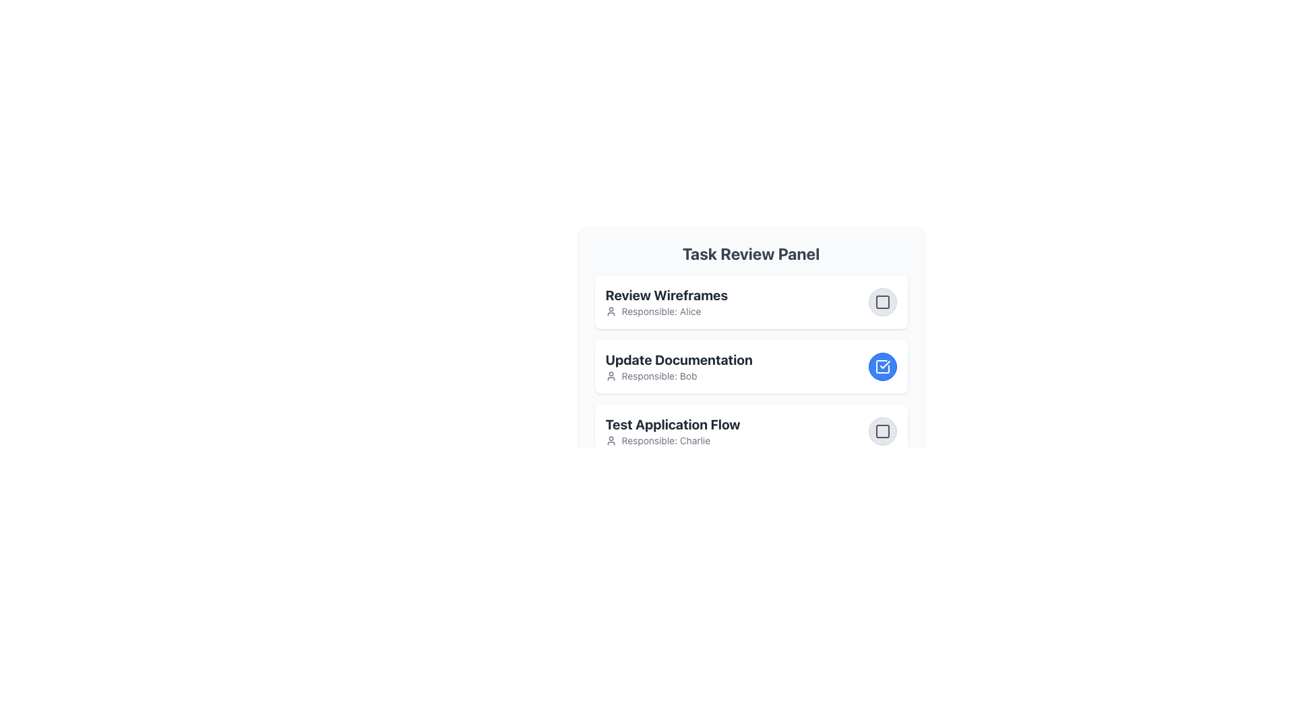  I want to click on the task card element titled 'Update Documentation', so click(750, 366).